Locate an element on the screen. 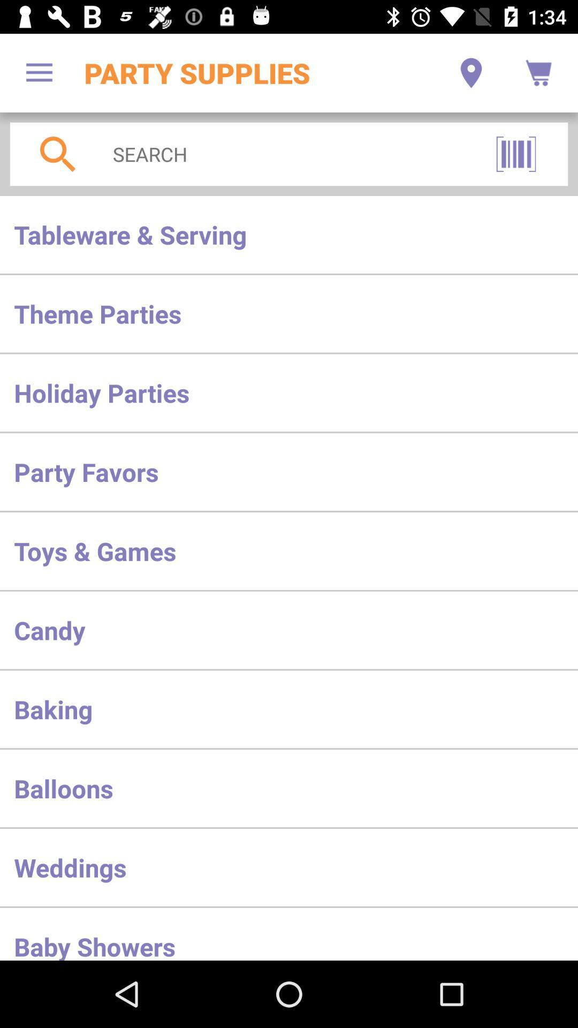  the party favors item is located at coordinates (289, 471).